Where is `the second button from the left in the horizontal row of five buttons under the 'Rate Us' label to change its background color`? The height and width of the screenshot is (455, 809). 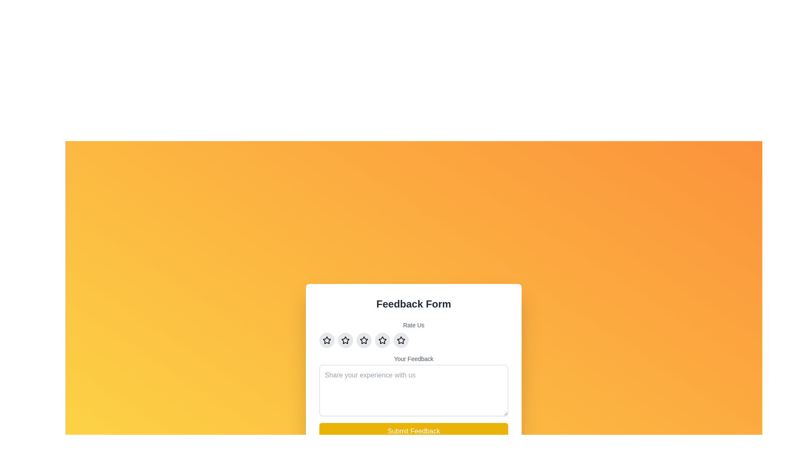
the second button from the left in the horizontal row of five buttons under the 'Rate Us' label to change its background color is located at coordinates (346, 340).